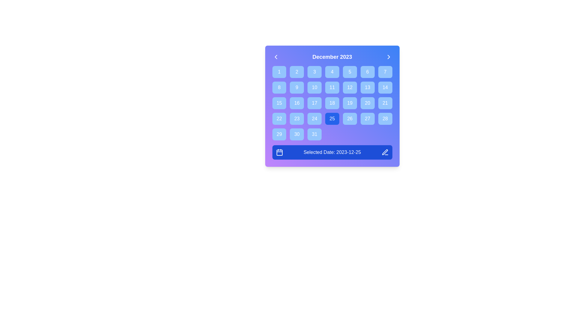 Image resolution: width=576 pixels, height=324 pixels. Describe the element at coordinates (385, 88) in the screenshot. I see `the button displaying the number '14' in a light blue background, located in the second row and seventh column of the grid layout, for potential information` at that location.